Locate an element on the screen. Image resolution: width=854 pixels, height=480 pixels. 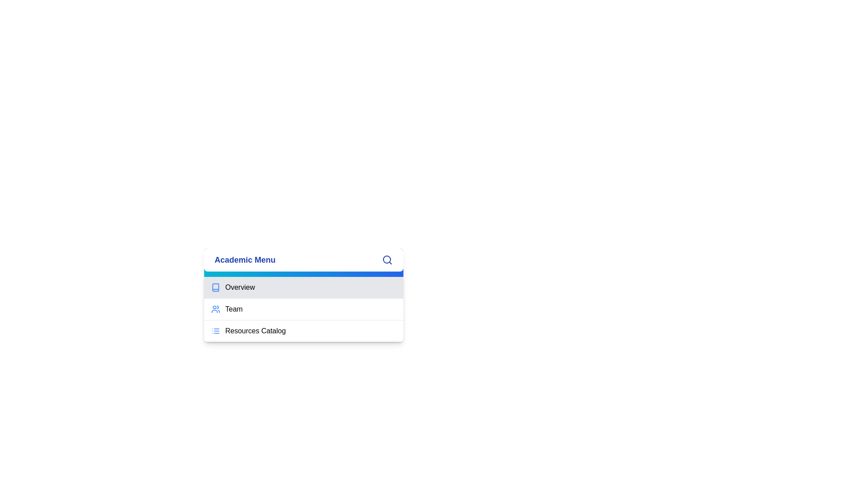
the 'Overview' menu item, which is the first item in the vertical 'Academic Menu' list is located at coordinates (303, 295).